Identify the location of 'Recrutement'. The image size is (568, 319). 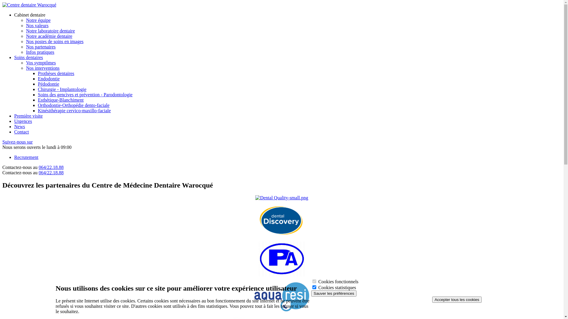
(26, 157).